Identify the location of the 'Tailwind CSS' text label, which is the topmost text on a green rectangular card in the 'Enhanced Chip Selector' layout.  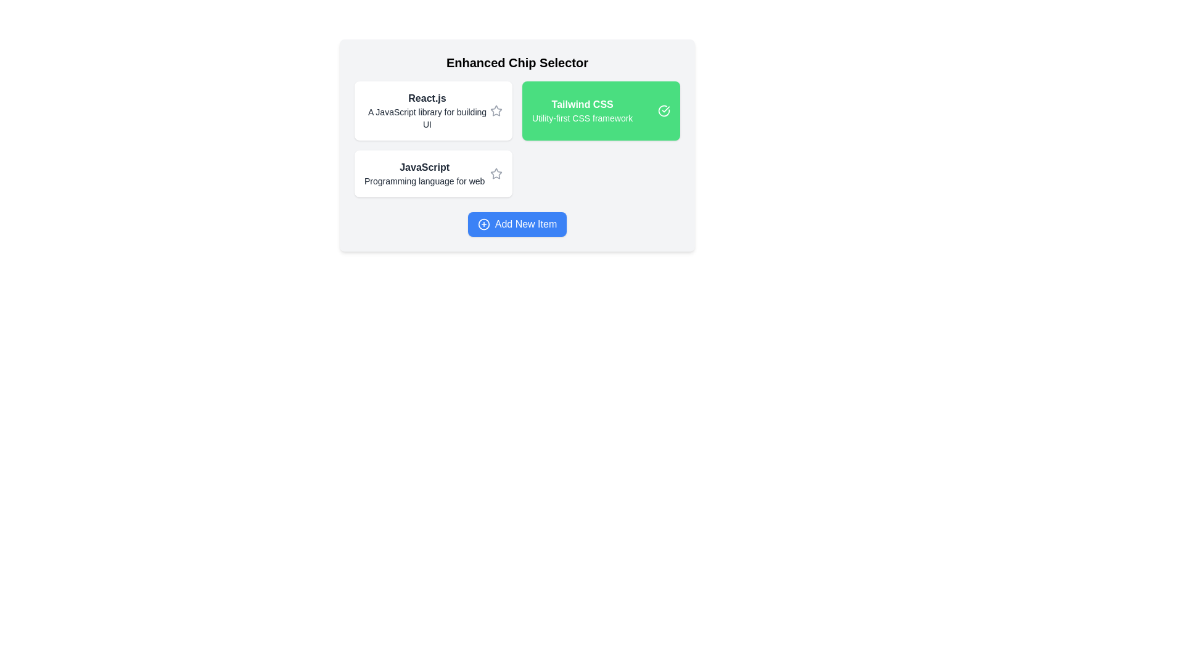
(582, 104).